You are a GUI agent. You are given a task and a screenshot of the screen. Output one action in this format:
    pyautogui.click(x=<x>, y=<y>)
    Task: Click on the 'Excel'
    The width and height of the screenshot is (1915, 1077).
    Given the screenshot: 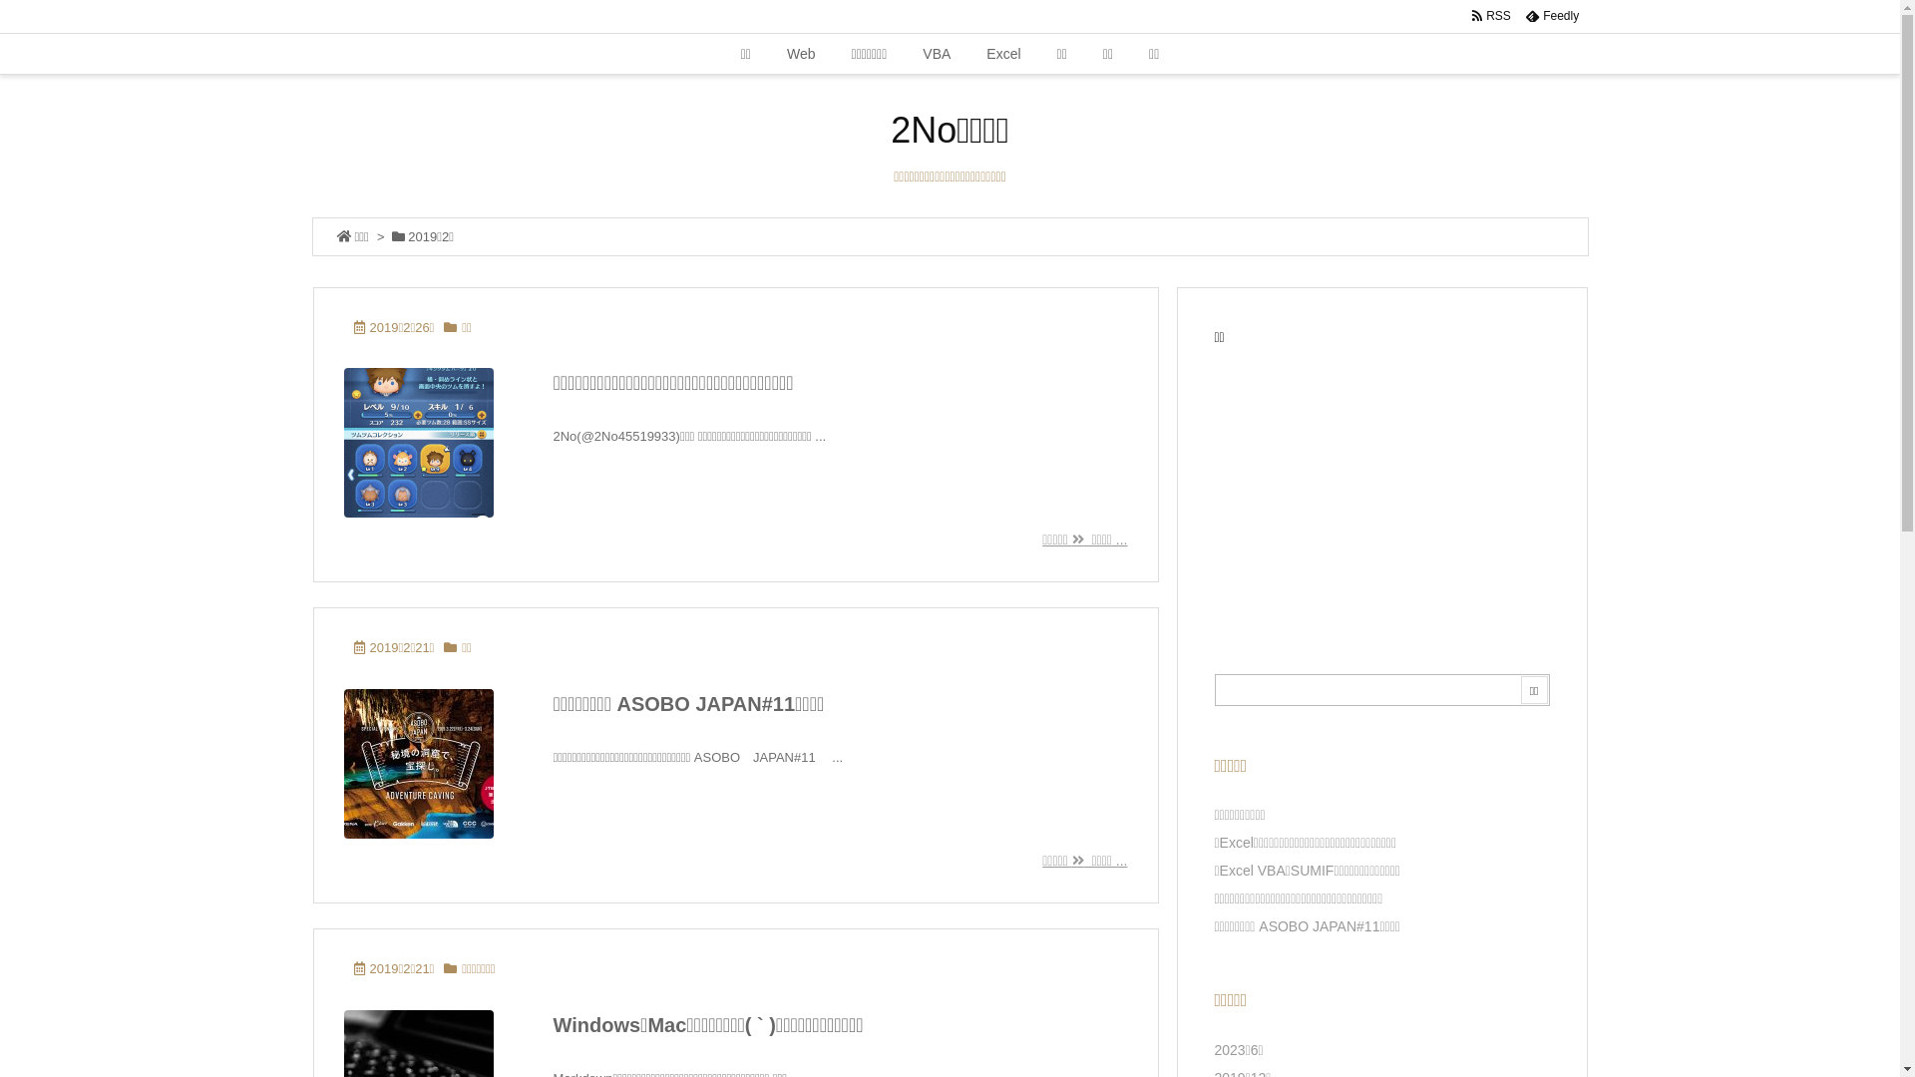 What is the action you would take?
    pyautogui.click(x=967, y=53)
    